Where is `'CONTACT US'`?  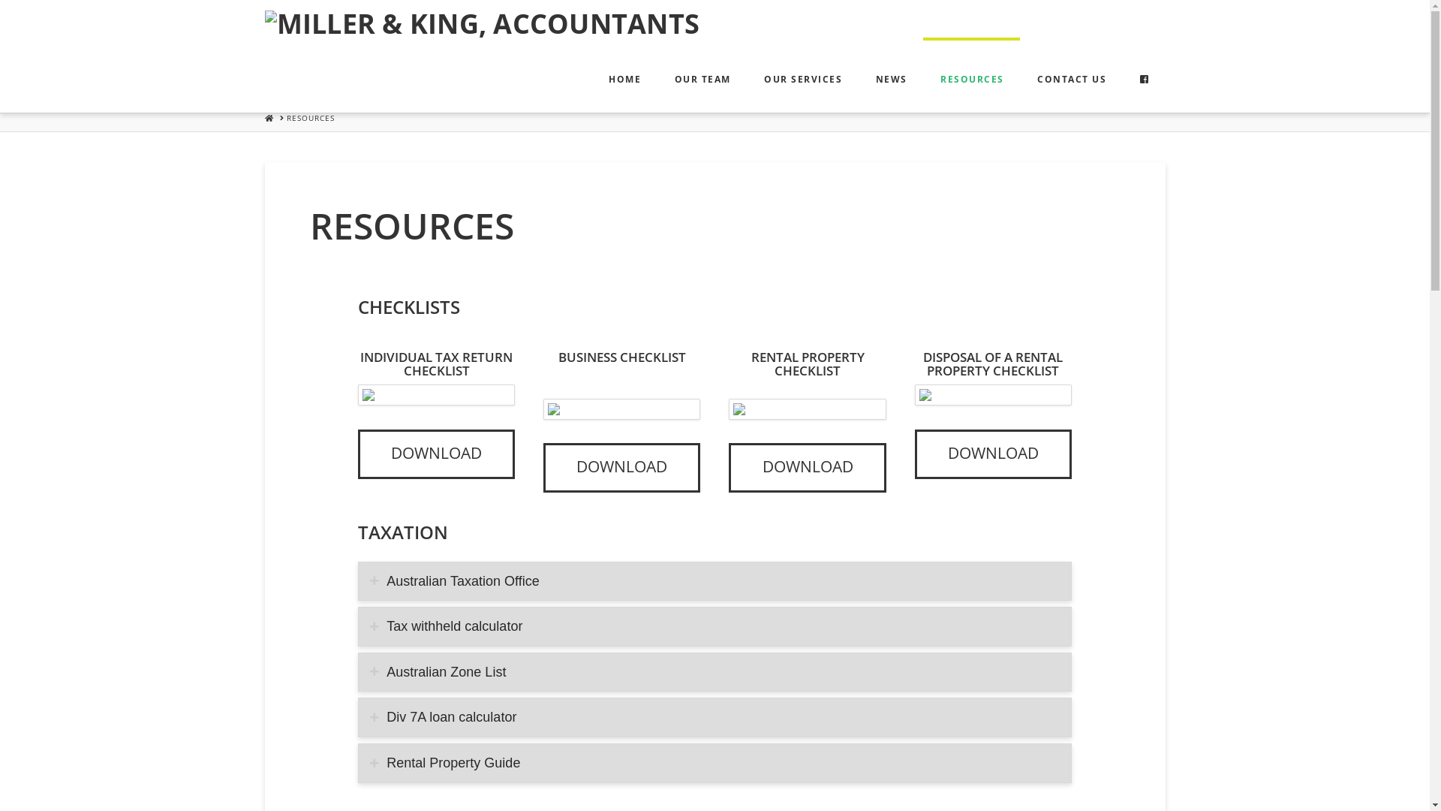 'CONTACT US' is located at coordinates (1070, 75).